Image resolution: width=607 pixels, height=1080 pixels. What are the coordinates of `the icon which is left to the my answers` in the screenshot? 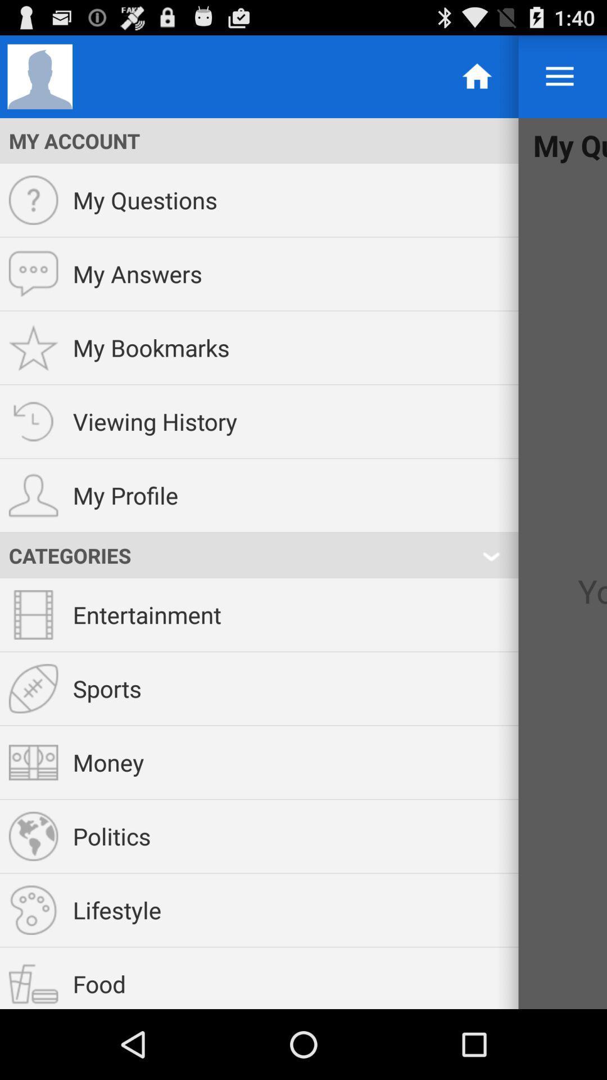 It's located at (33, 273).